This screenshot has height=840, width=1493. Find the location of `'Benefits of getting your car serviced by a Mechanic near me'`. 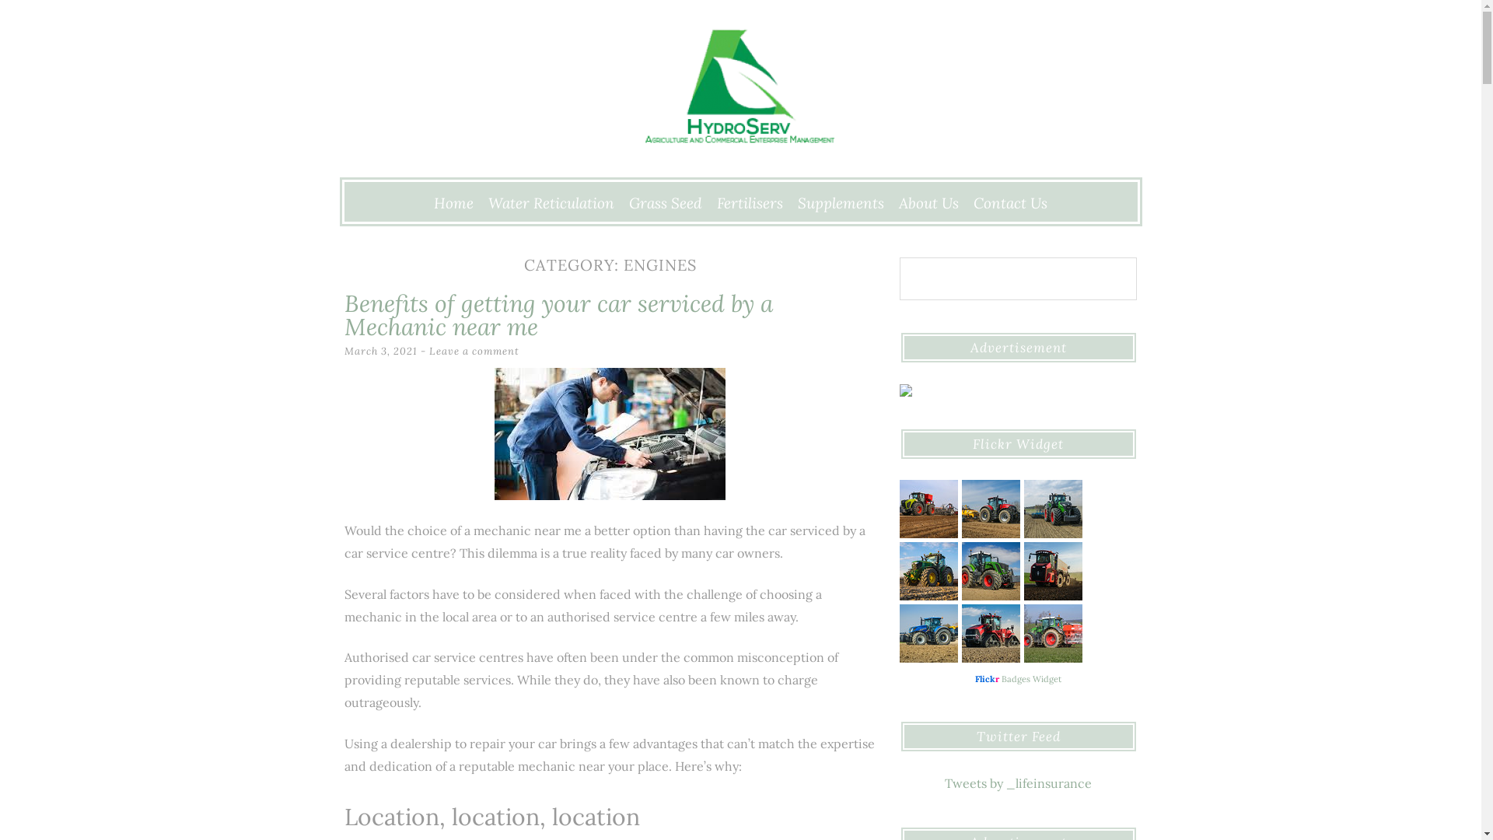

'Benefits of getting your car serviced by a Mechanic near me' is located at coordinates (558, 315).